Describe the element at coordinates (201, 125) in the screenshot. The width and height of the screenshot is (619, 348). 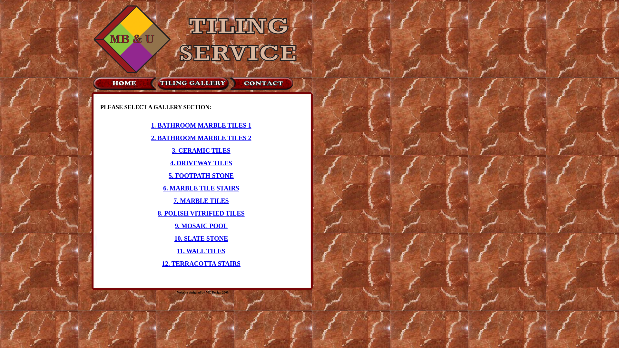
I see `'1. BATHROOM MARBLE TILES 1'` at that location.